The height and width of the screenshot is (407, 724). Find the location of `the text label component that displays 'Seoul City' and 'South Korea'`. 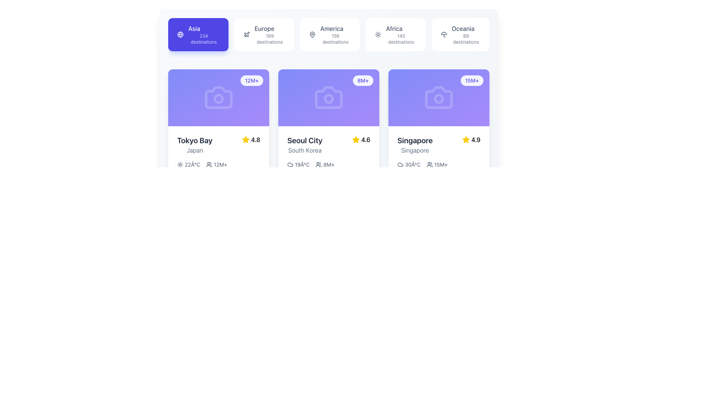

the text label component that displays 'Seoul City' and 'South Korea' is located at coordinates (305, 145).